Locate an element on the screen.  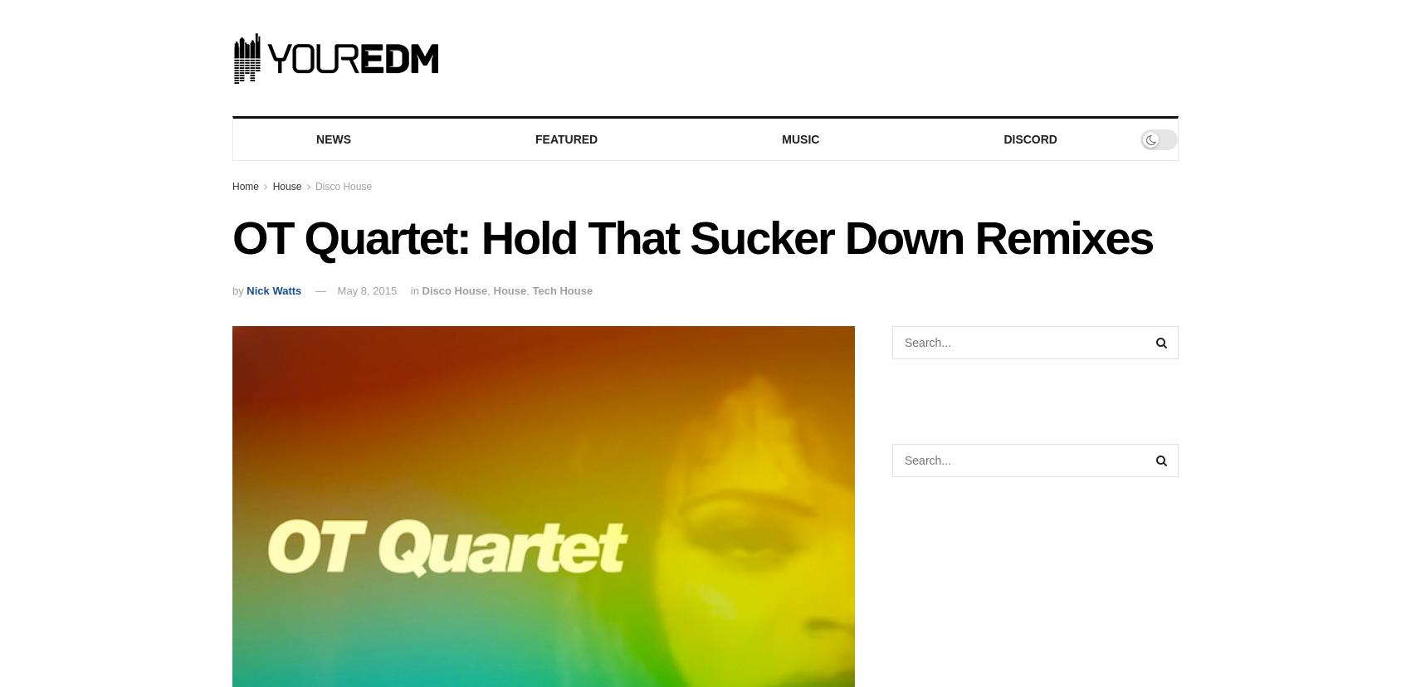
'Home' is located at coordinates (232, 186).